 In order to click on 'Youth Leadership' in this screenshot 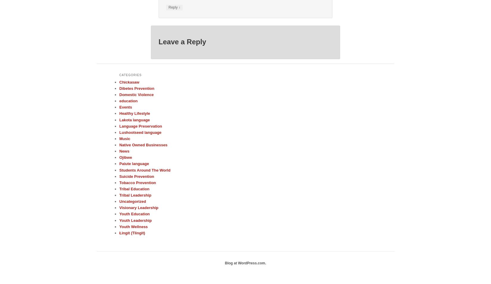, I will do `click(135, 220)`.